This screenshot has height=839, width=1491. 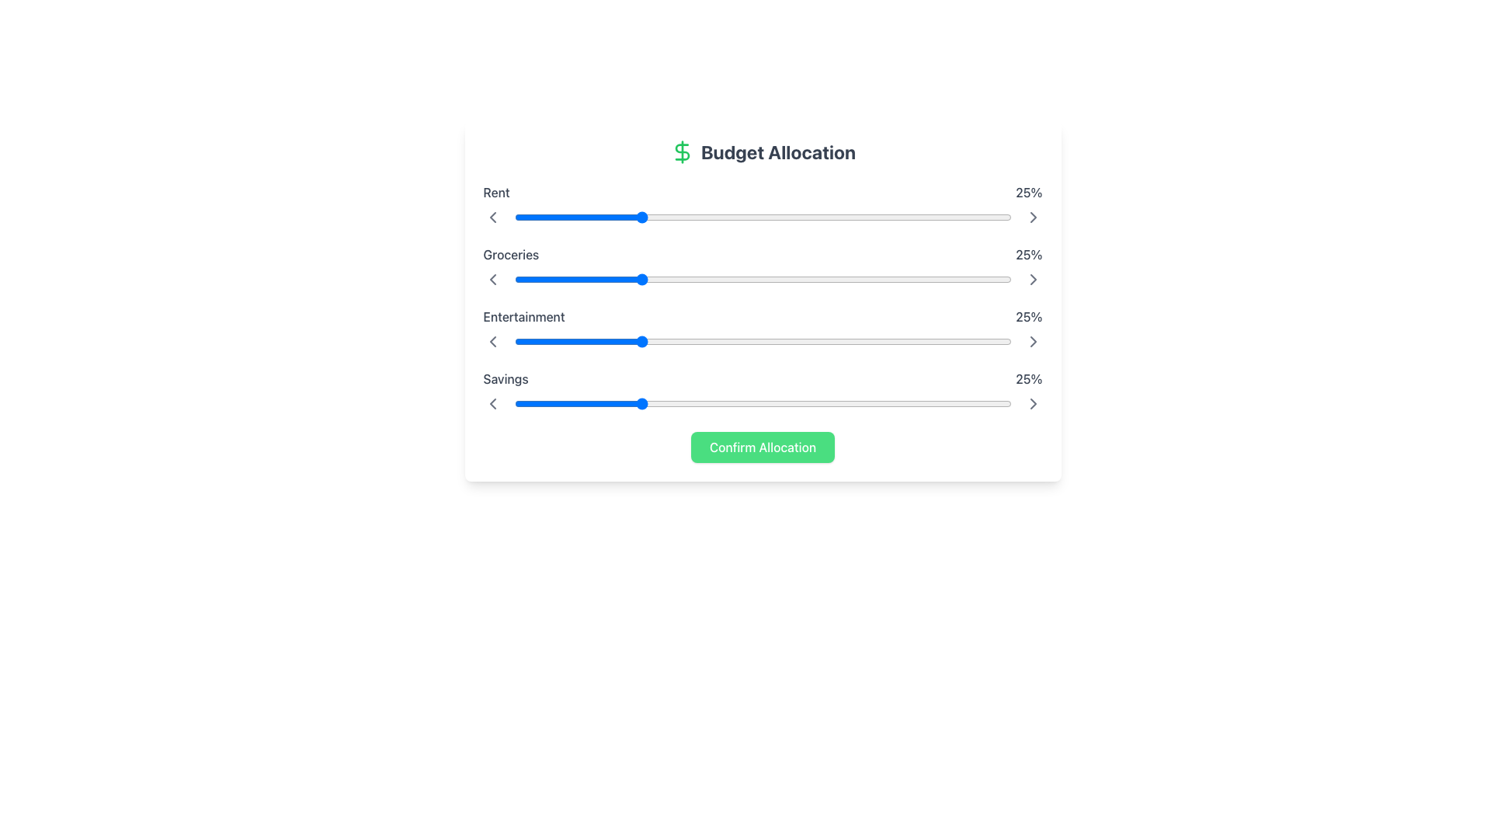 What do you see at coordinates (682, 152) in the screenshot?
I see `the decorative icon representing financial functions, located to the left of the text 'Budget Allocation'` at bounding box center [682, 152].